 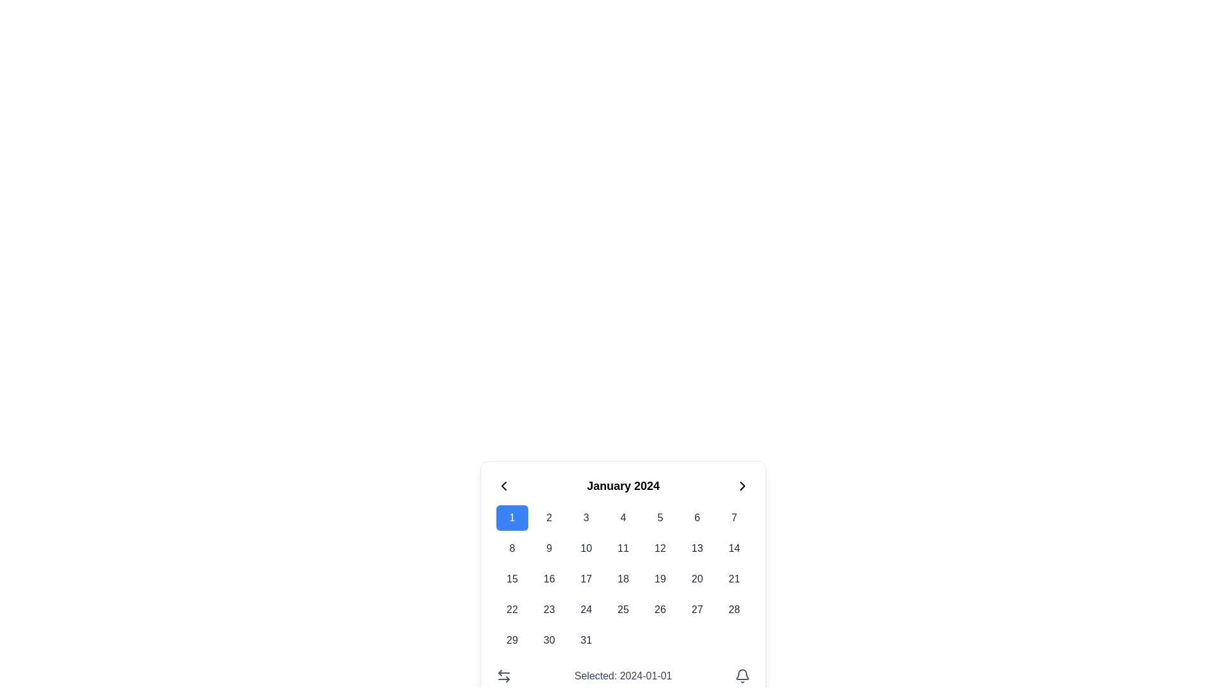 What do you see at coordinates (697, 609) in the screenshot?
I see `the text label displaying the number '27' in the calendar UI for January 2024` at bounding box center [697, 609].